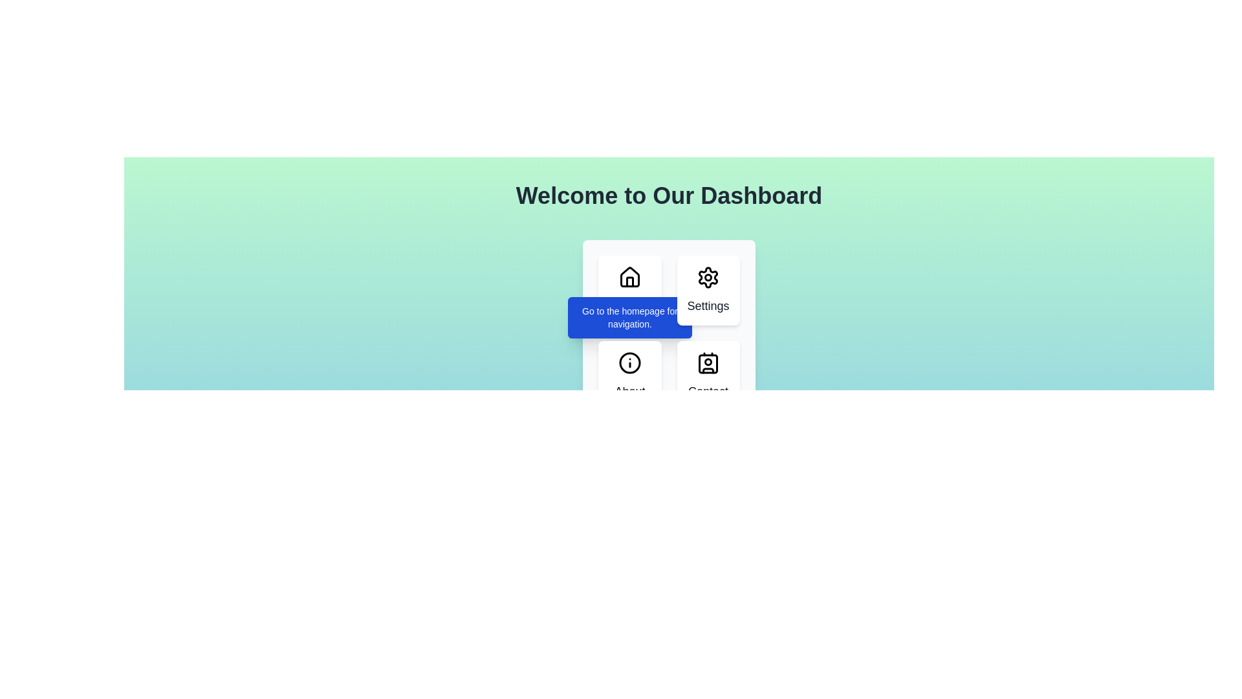 The image size is (1242, 699). Describe the element at coordinates (707, 376) in the screenshot. I see `the Button-like card located in the bottom-right corner of the 2x2 grid layout, which provides access to the 'Contact' section` at that location.